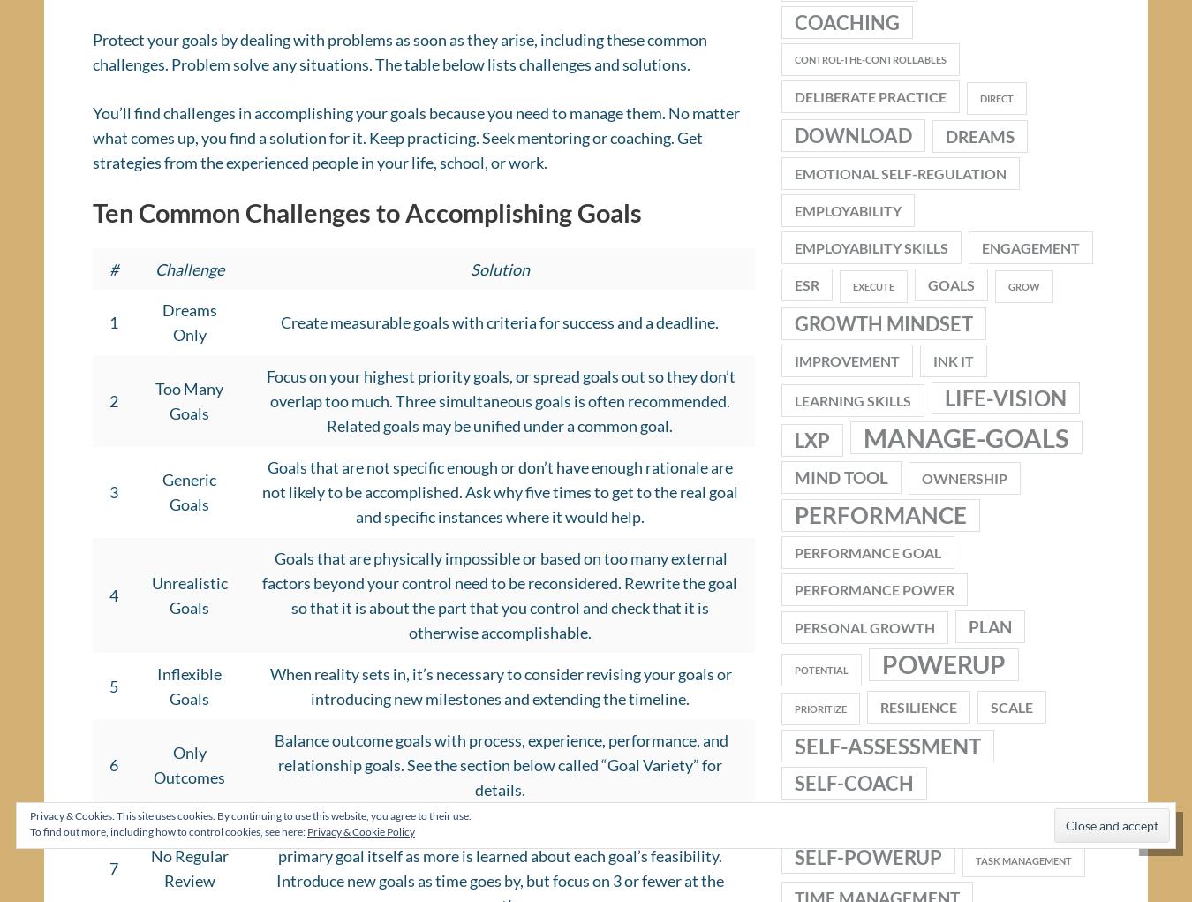  What do you see at coordinates (864, 633) in the screenshot?
I see `'personal growth'` at bounding box center [864, 633].